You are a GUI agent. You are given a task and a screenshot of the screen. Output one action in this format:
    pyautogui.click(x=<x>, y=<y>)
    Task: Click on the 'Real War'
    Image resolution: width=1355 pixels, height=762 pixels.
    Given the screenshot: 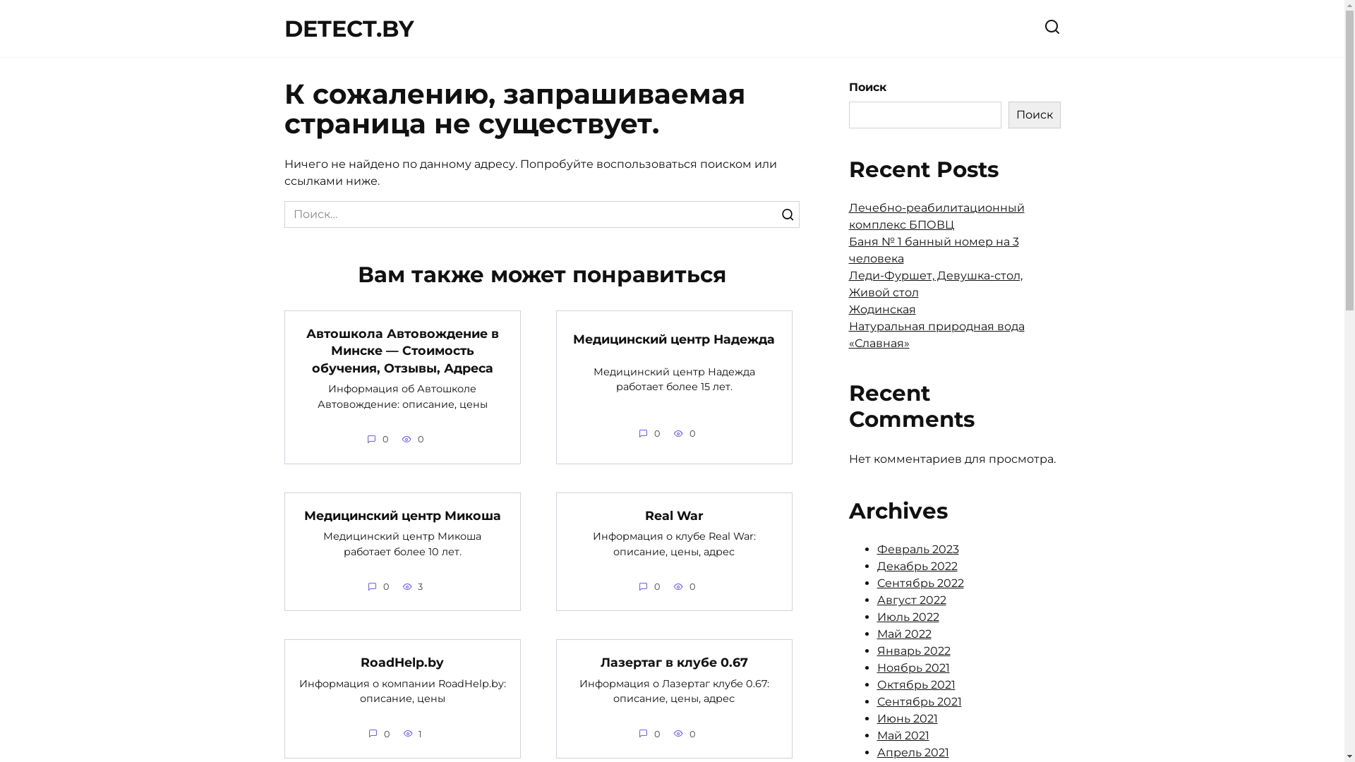 What is the action you would take?
    pyautogui.click(x=644, y=515)
    